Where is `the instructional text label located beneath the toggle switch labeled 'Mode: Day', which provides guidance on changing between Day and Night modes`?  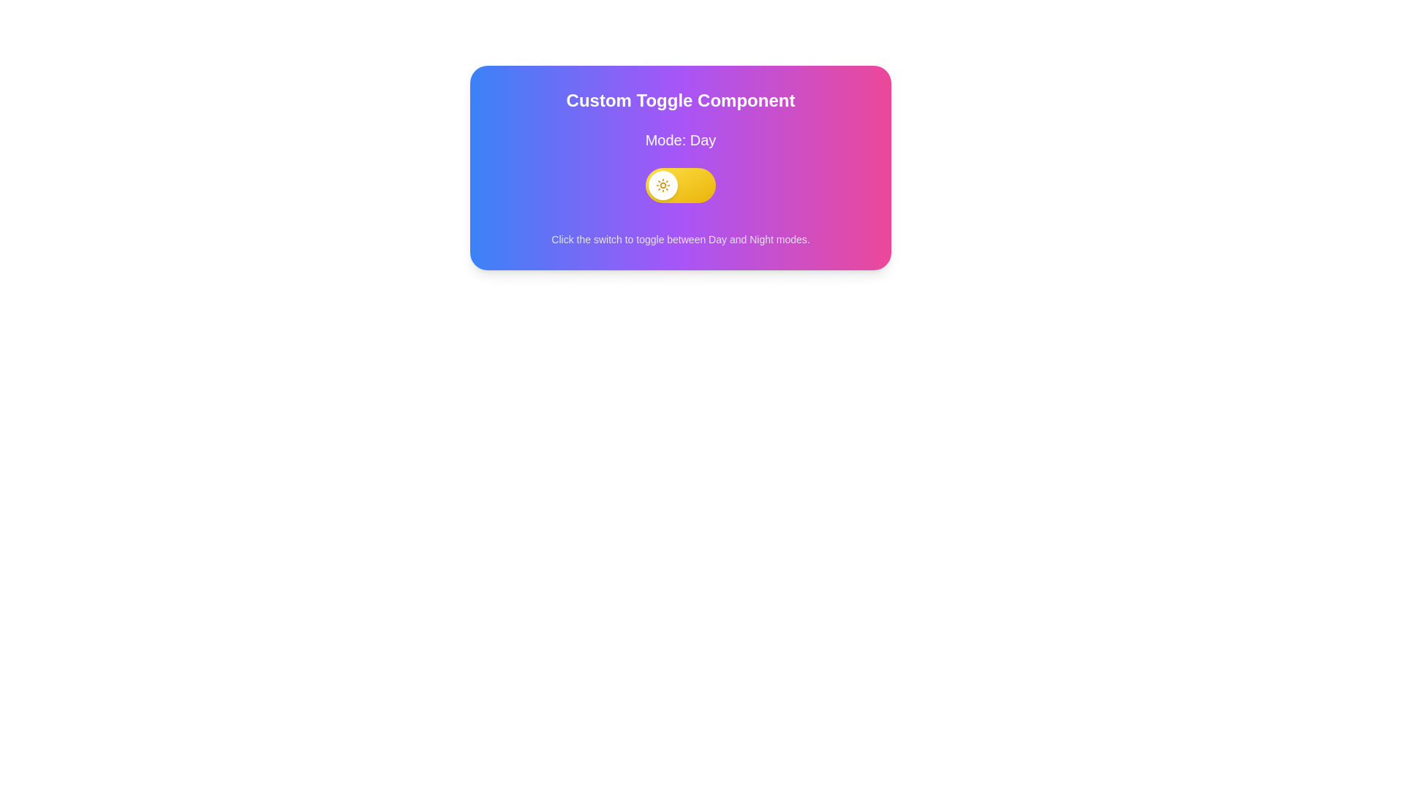
the instructional text label located beneath the toggle switch labeled 'Mode: Day', which provides guidance on changing between Day and Night modes is located at coordinates (680, 238).